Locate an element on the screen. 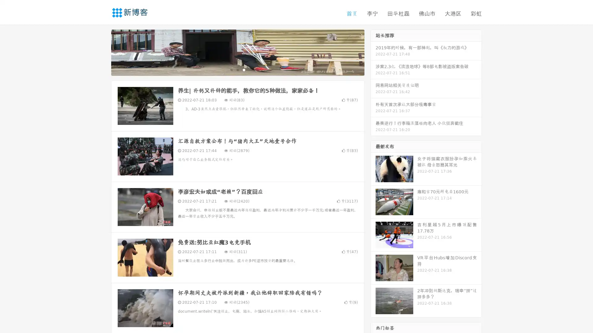 This screenshot has height=333, width=593. Next slide is located at coordinates (373, 52).